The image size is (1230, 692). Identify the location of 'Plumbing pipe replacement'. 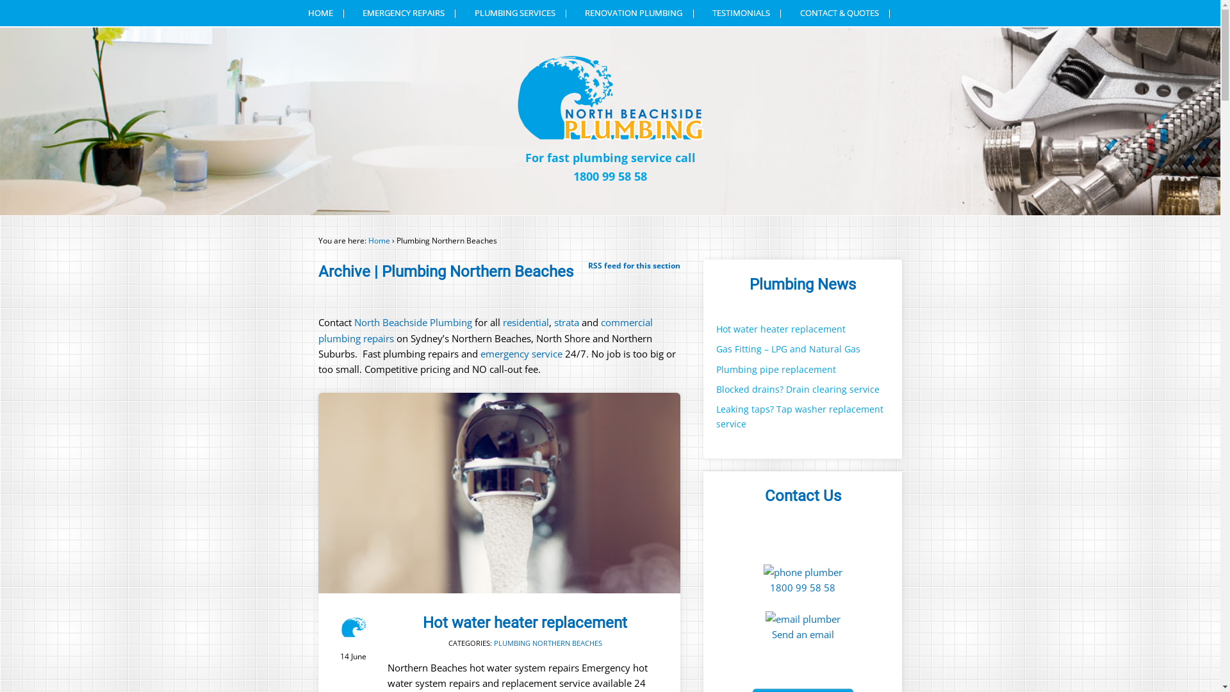
(775, 369).